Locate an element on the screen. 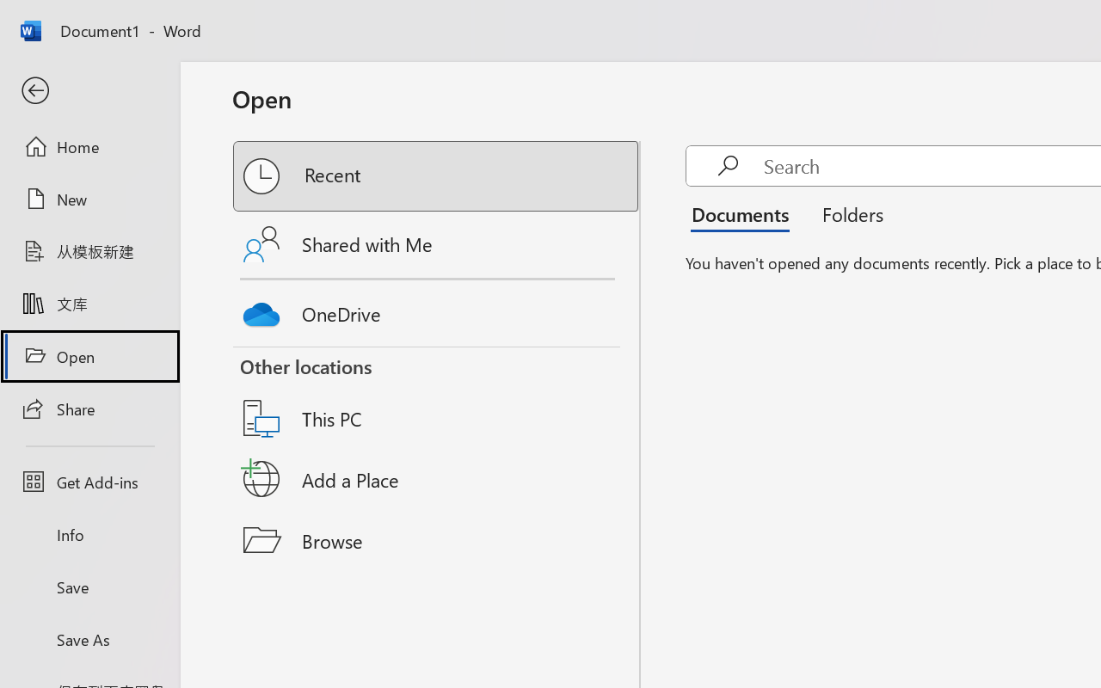  'OneDrive' is located at coordinates (437, 310).